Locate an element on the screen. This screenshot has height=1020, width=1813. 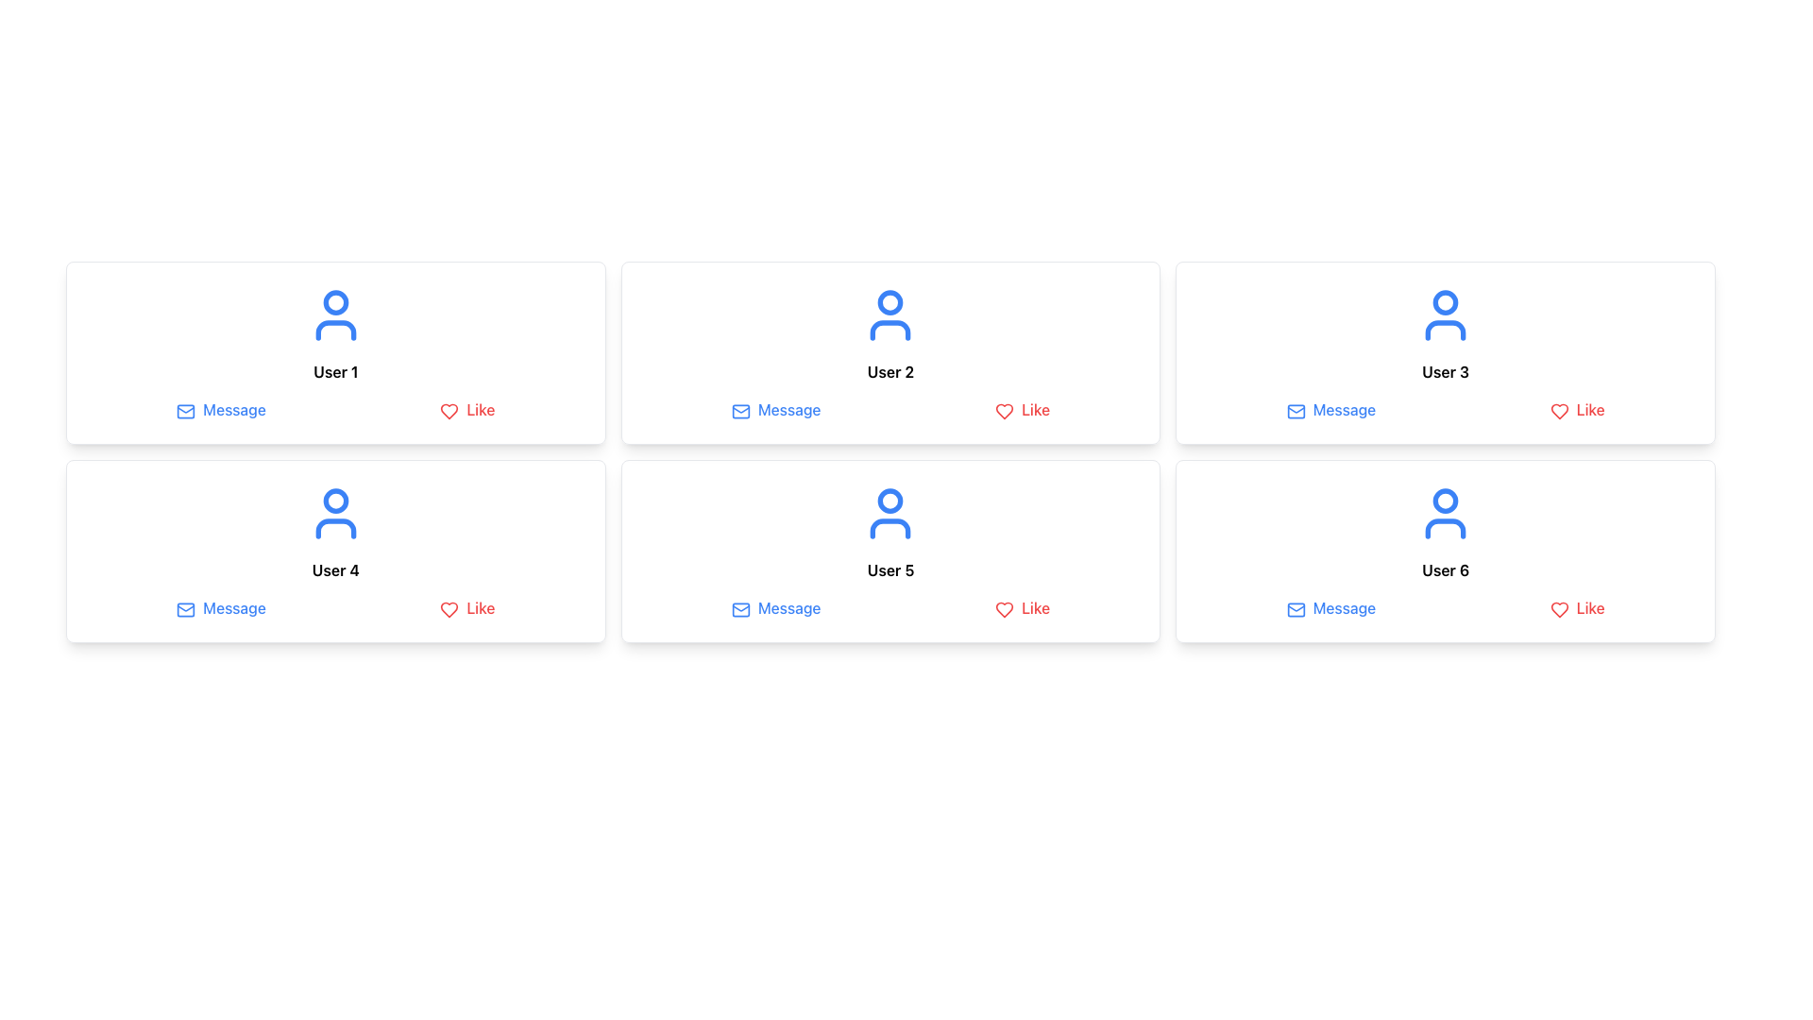
the heart icon located at the bottom-right of the 'User 3' profile card is located at coordinates (1559, 410).